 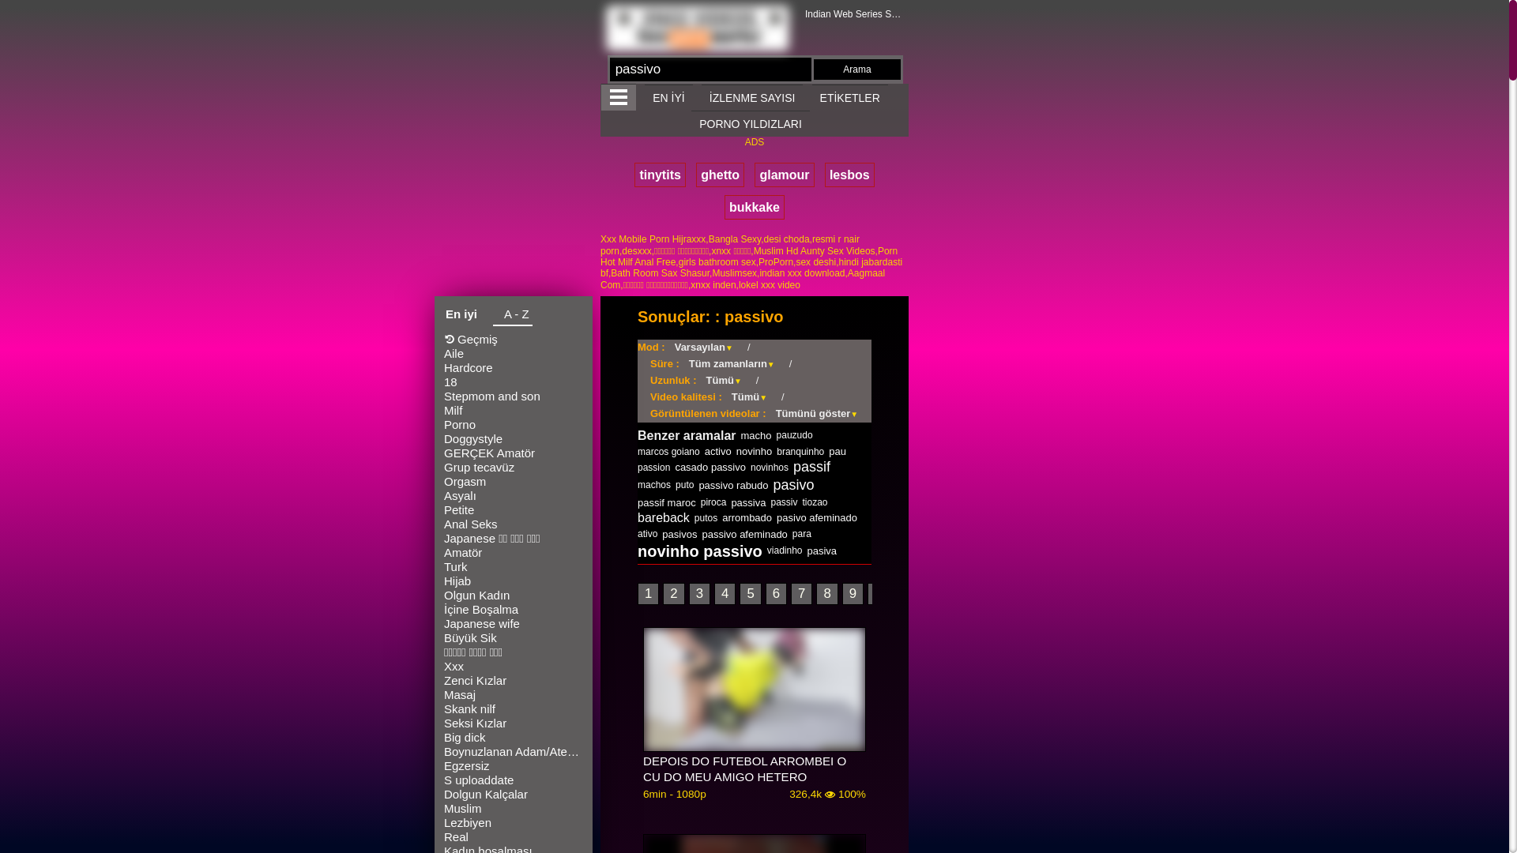 What do you see at coordinates (776, 594) in the screenshot?
I see `'6'` at bounding box center [776, 594].